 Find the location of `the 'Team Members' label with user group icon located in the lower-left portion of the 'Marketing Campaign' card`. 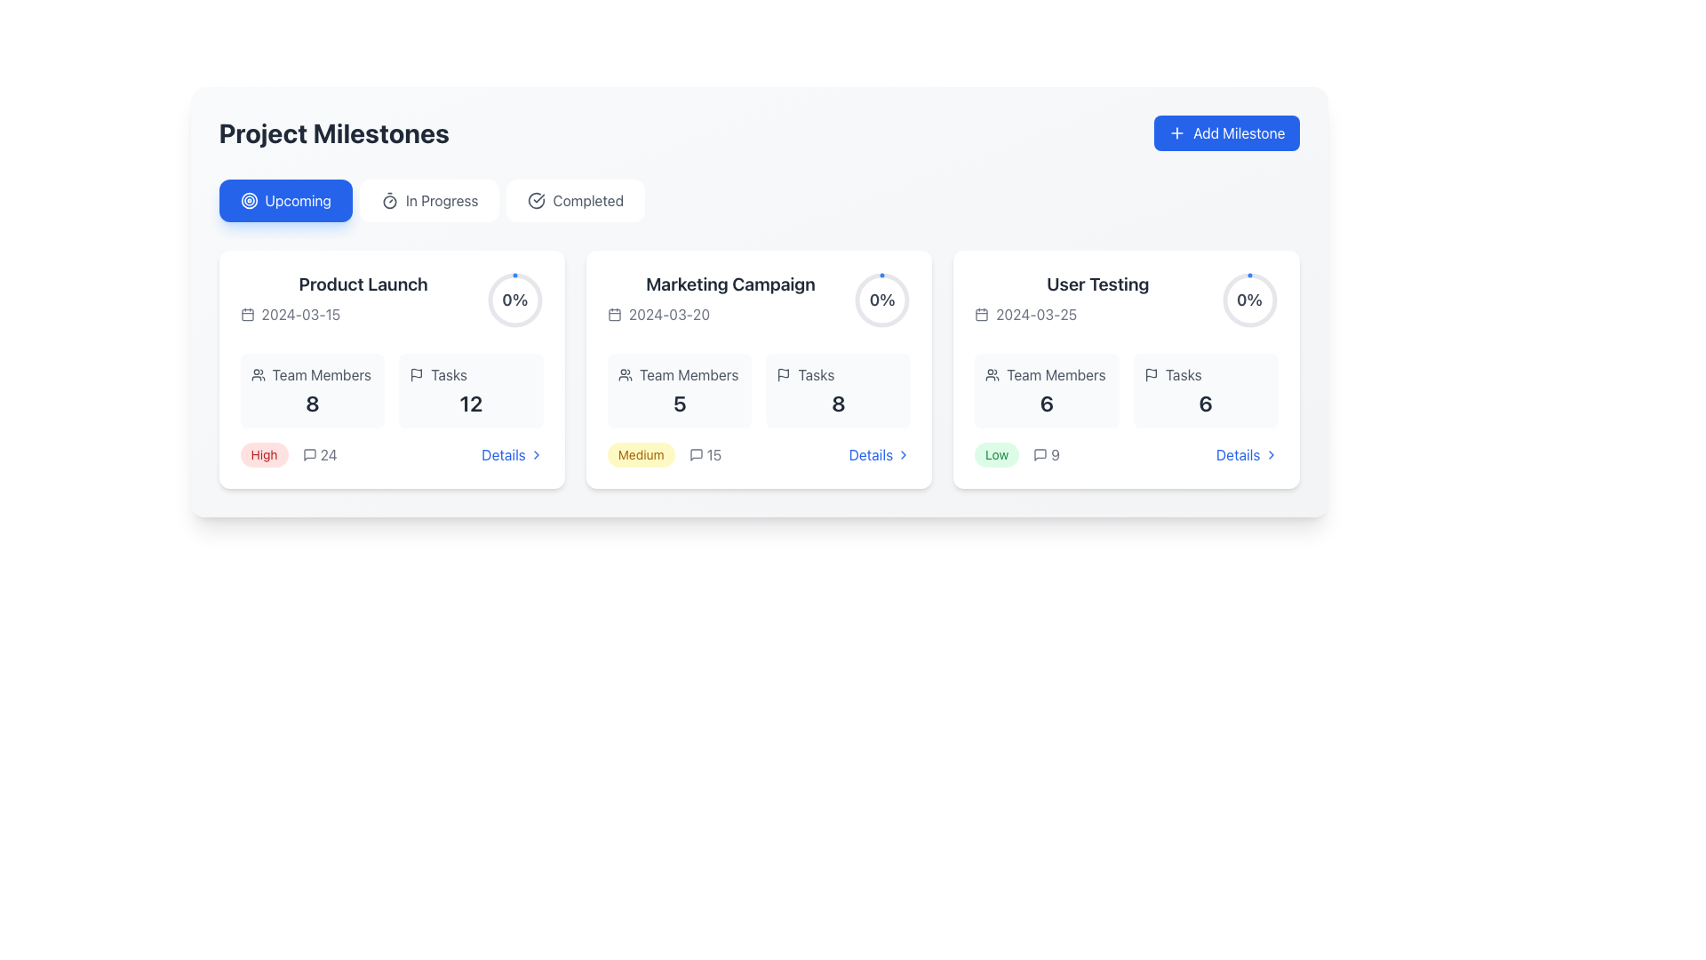

the 'Team Members' label with user group icon located in the lower-left portion of the 'Marketing Campaign' card is located at coordinates (679, 373).